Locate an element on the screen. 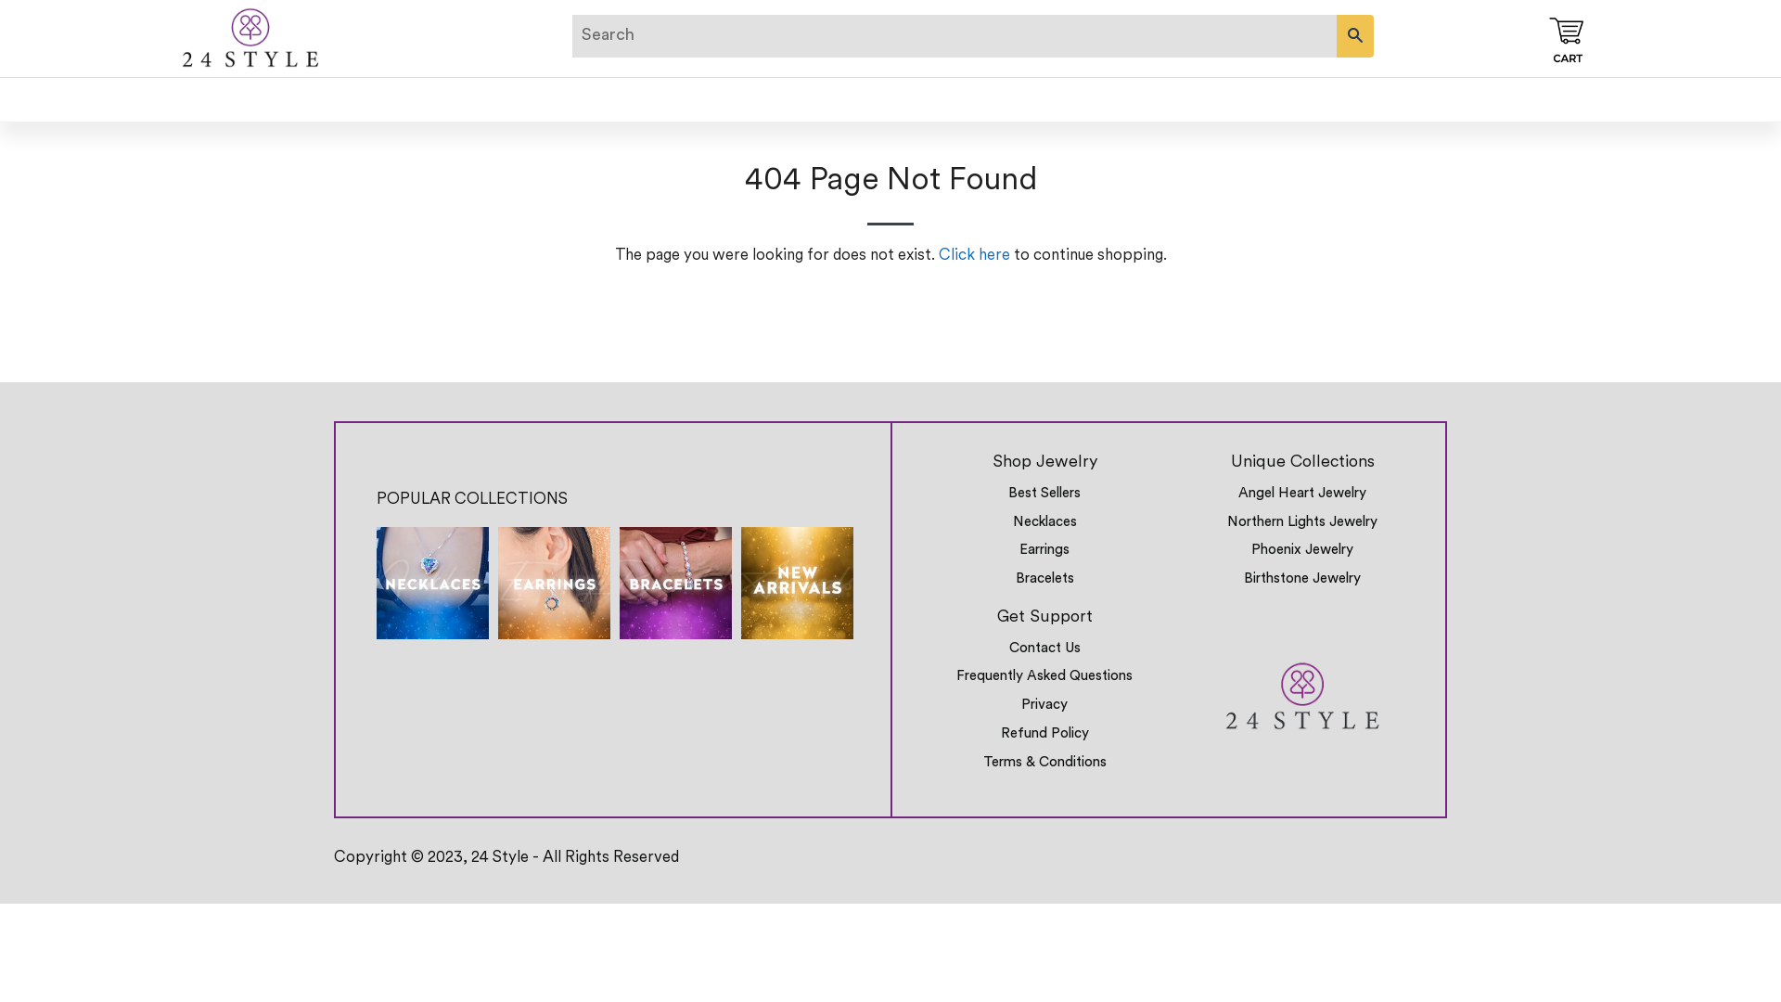 This screenshot has height=1002, width=1781. 'Birthstone Jewelry' is located at coordinates (1301, 578).